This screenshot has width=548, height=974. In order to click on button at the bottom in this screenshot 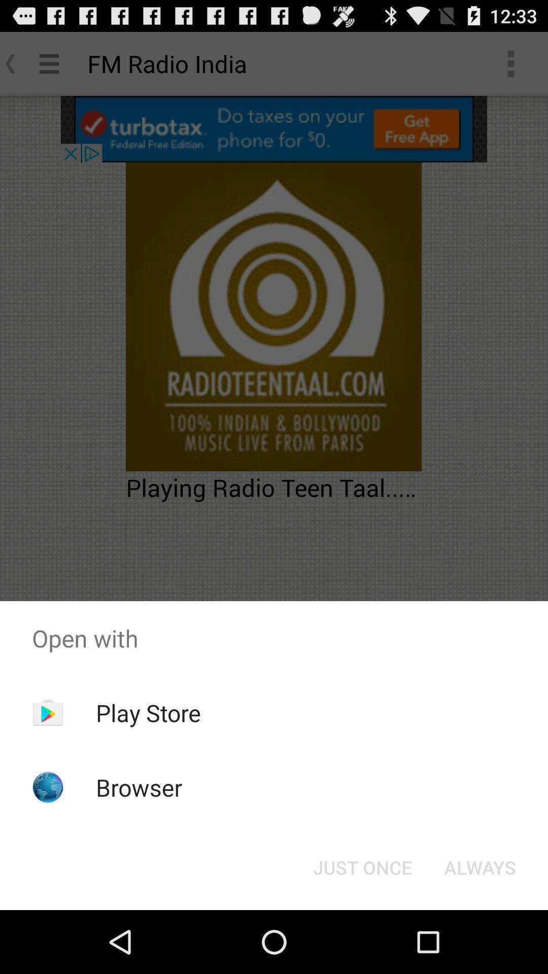, I will do `click(362, 866)`.